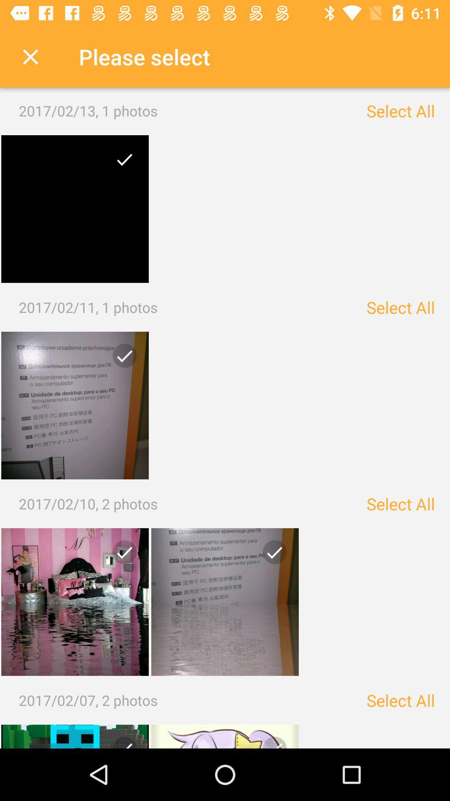  What do you see at coordinates (121, 555) in the screenshot?
I see `photo checkmark` at bounding box center [121, 555].